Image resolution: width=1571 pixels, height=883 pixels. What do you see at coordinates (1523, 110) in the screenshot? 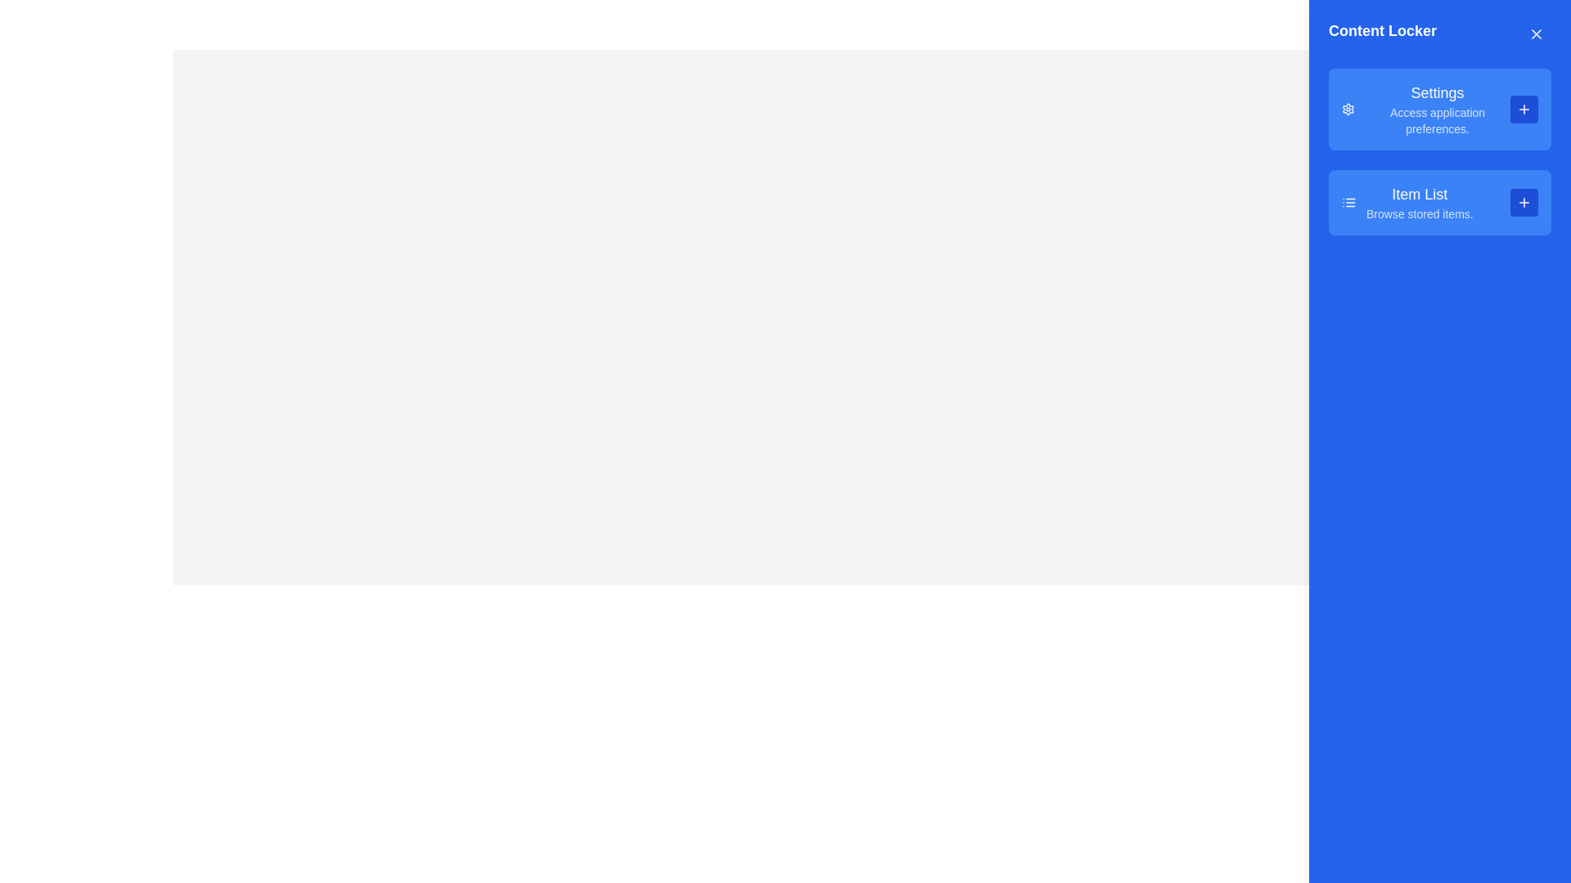
I see `the button located towards the right edge of the light blue 'Settings' section in the 'Content Locker' panel` at bounding box center [1523, 110].